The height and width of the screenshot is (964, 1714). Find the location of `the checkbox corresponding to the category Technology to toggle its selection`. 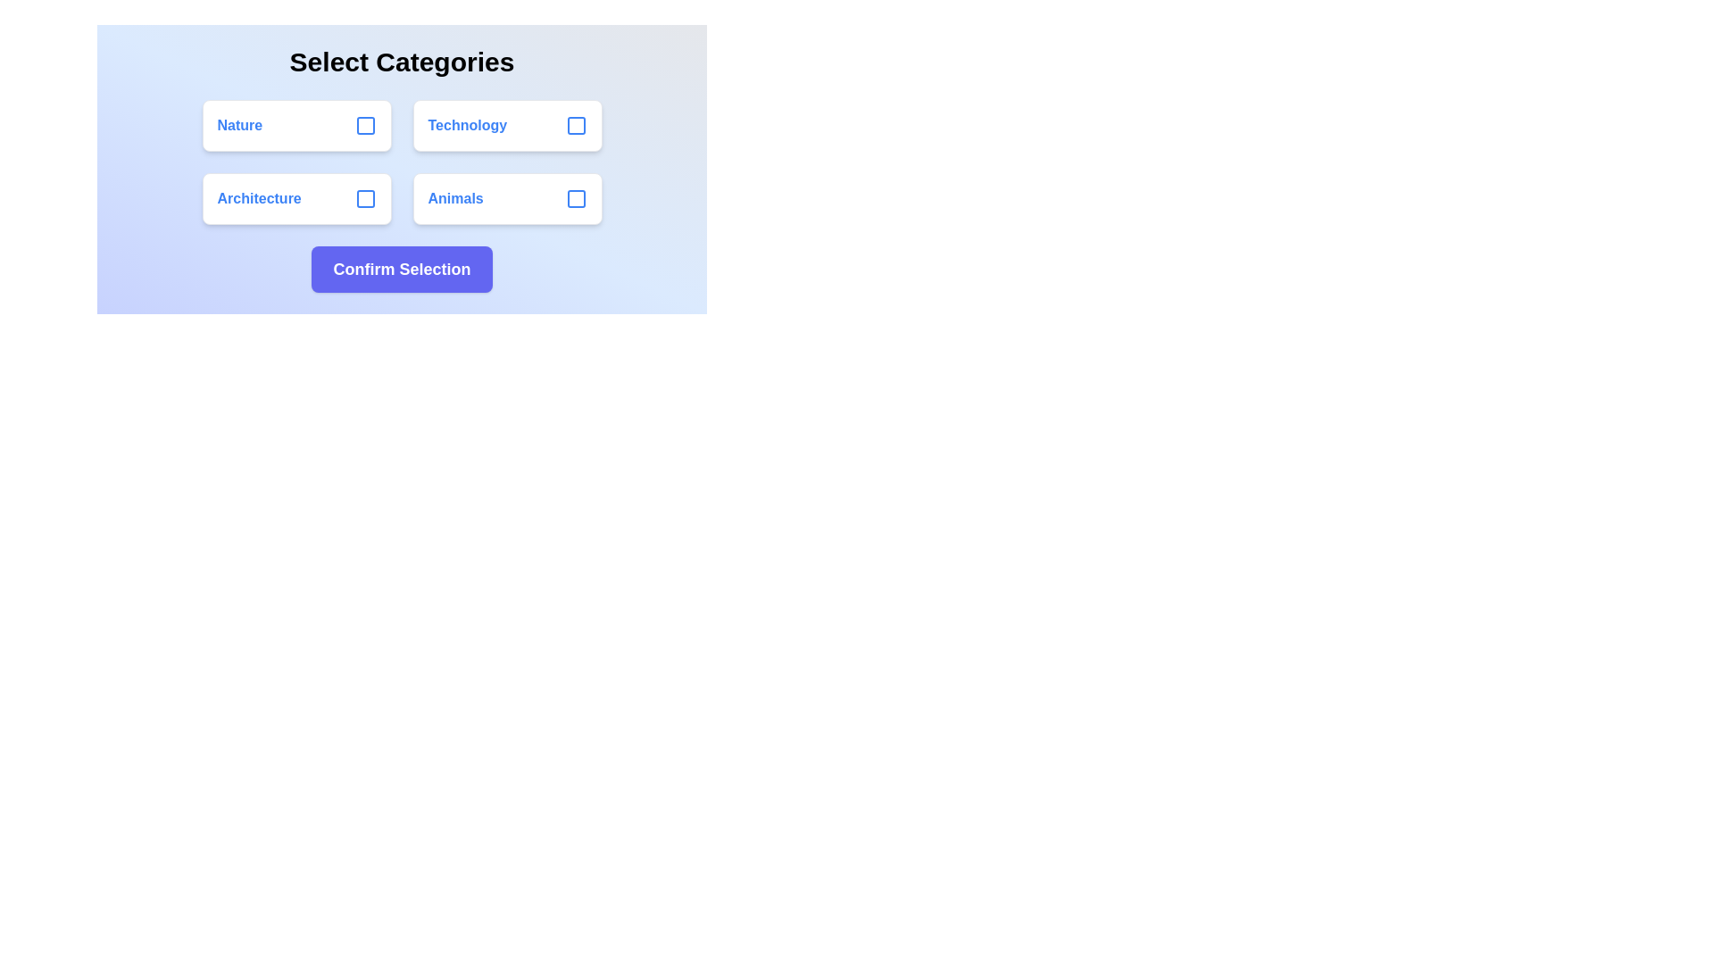

the checkbox corresponding to the category Technology to toggle its selection is located at coordinates (576, 125).